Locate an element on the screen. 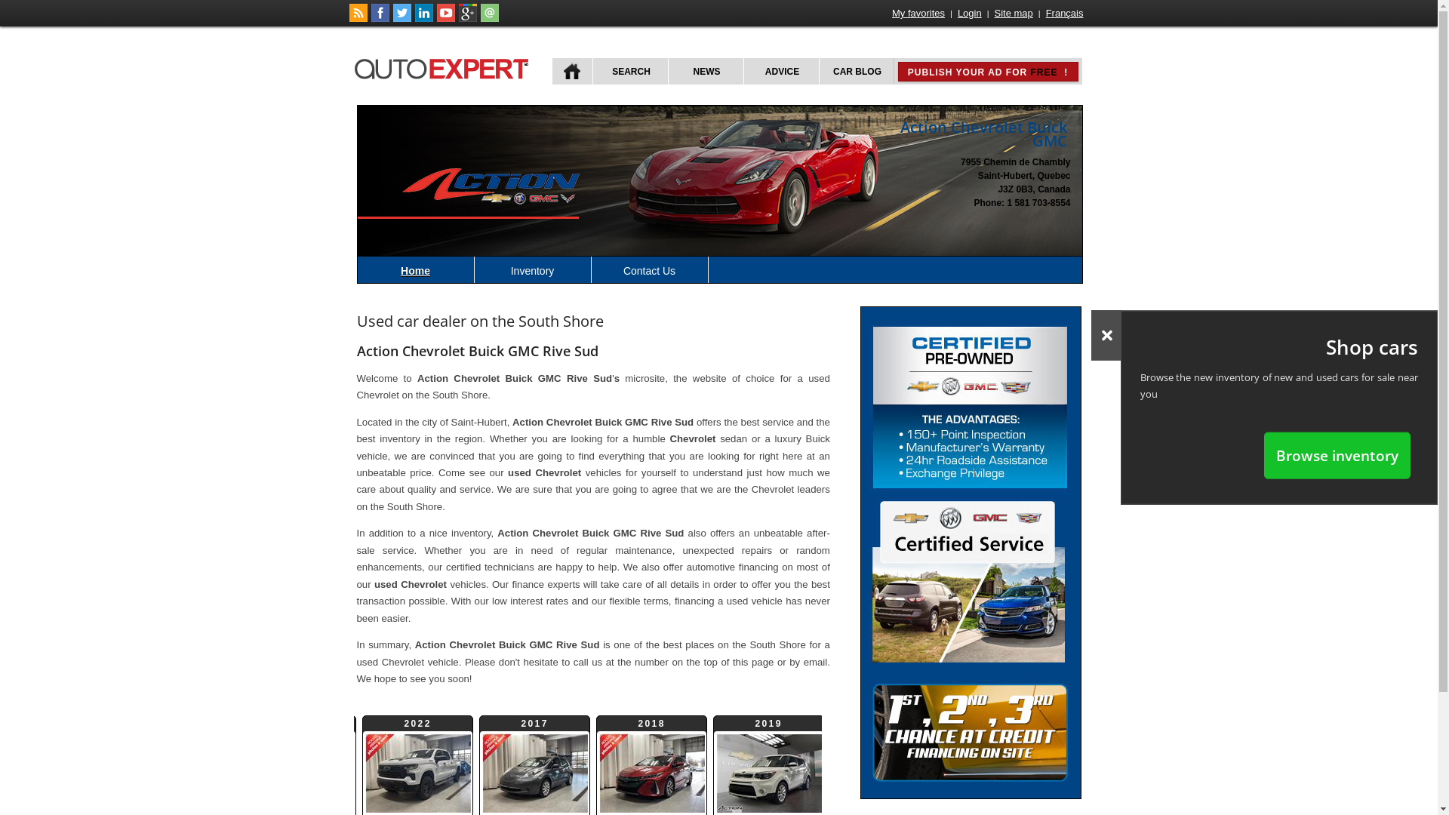 This screenshot has width=1449, height=815. 'My favorites' is located at coordinates (918, 13).